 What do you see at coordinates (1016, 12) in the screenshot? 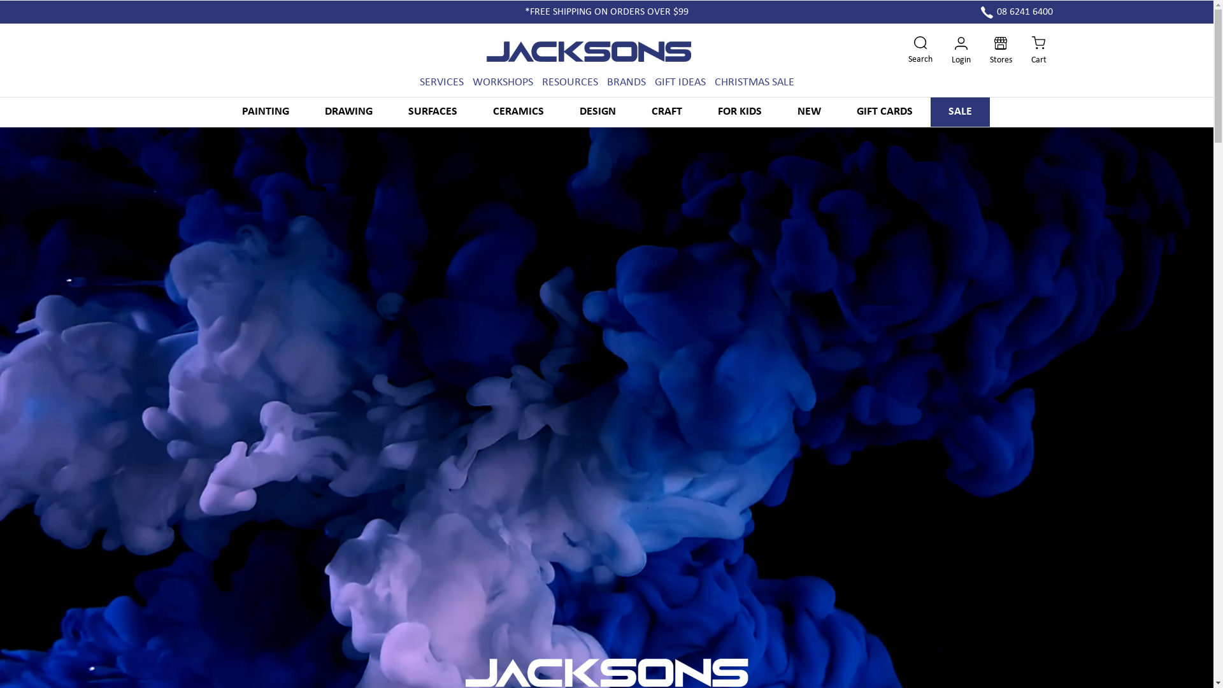
I see `' 08 6241 6400'` at bounding box center [1016, 12].